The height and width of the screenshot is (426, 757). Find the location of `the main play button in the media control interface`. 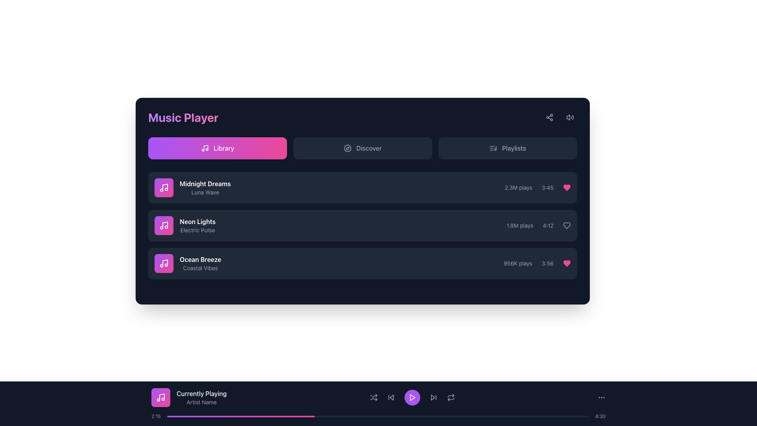

the main play button in the media control interface is located at coordinates (412, 397).